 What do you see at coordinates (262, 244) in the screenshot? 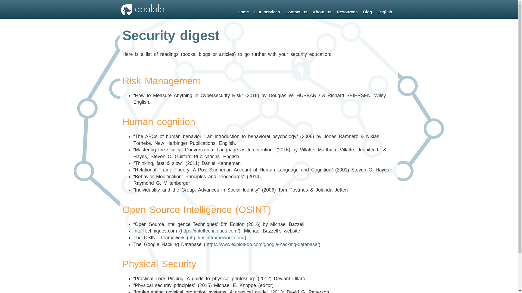
I see `'https://www.exploit-db.com/google-hacking-database/'` at bounding box center [262, 244].